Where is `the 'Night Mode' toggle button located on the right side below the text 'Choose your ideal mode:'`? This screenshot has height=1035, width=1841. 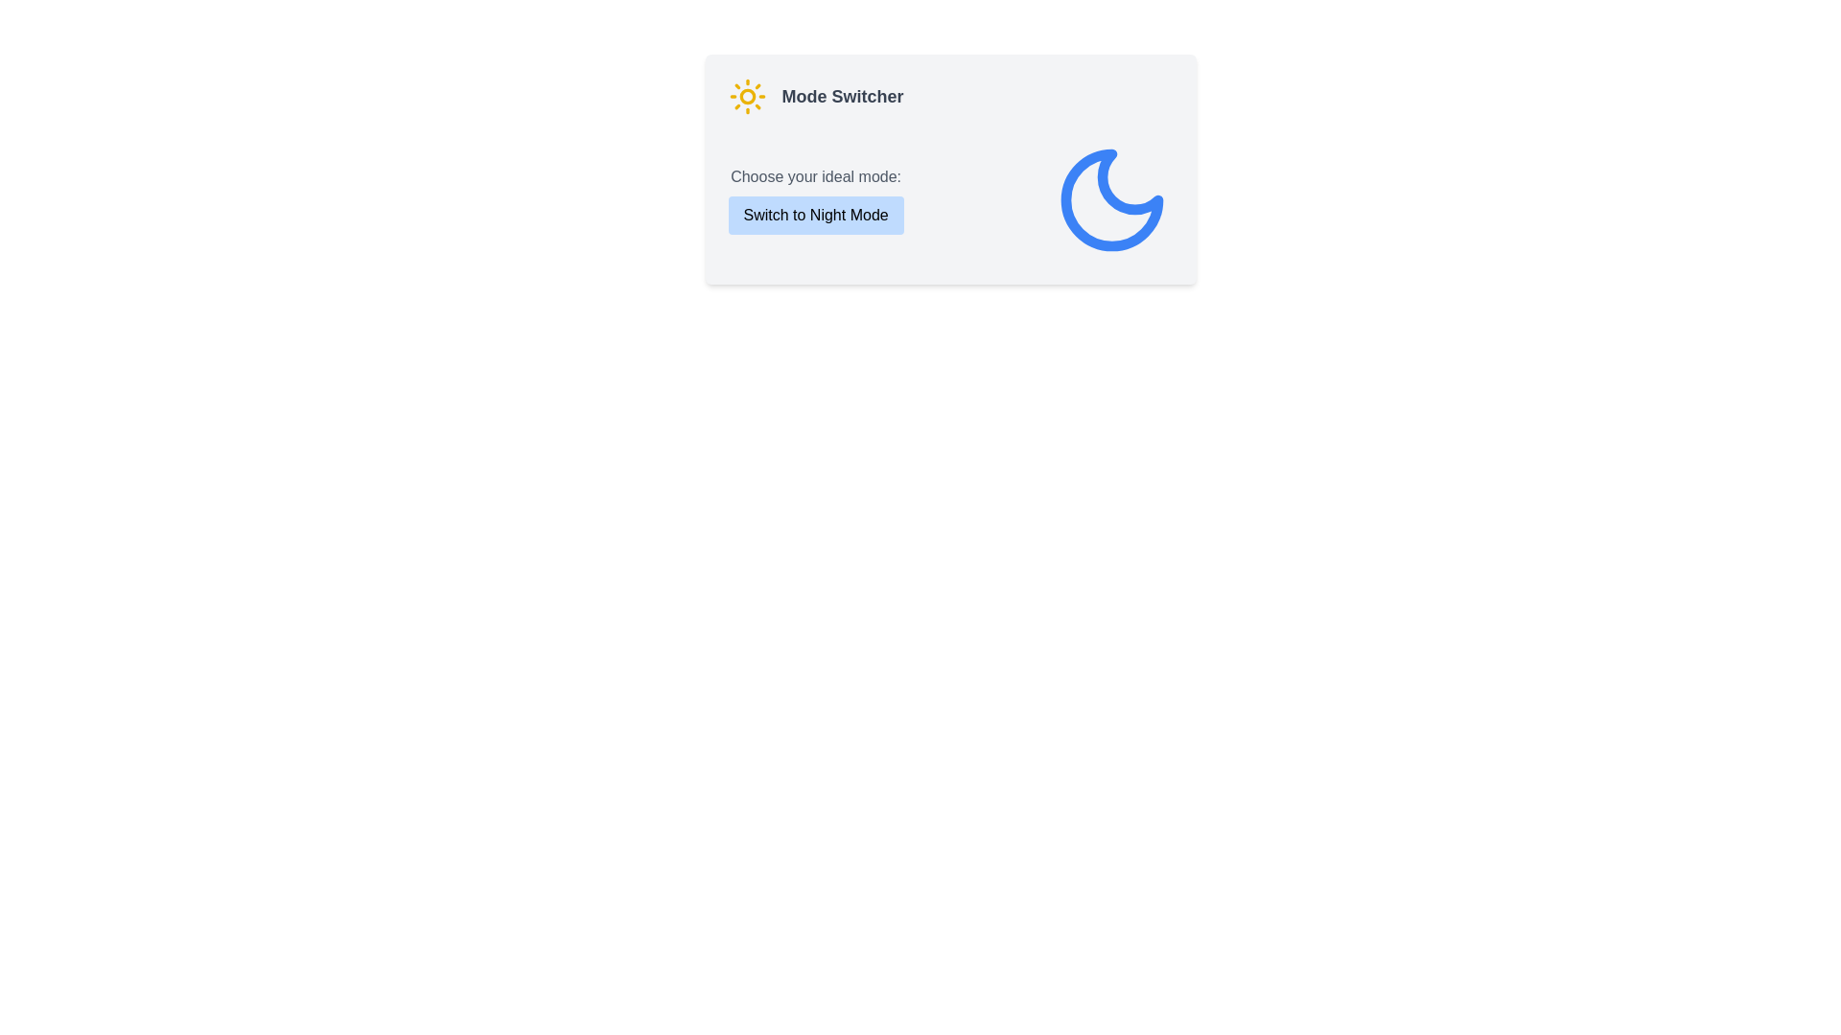
the 'Night Mode' toggle button located on the right side below the text 'Choose your ideal mode:' is located at coordinates (816, 215).